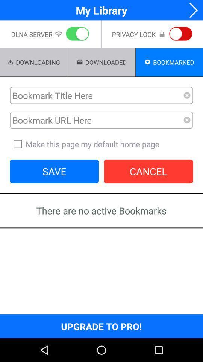 Image resolution: width=203 pixels, height=362 pixels. I want to click on bottom of bookmark url here, so click(101, 143).